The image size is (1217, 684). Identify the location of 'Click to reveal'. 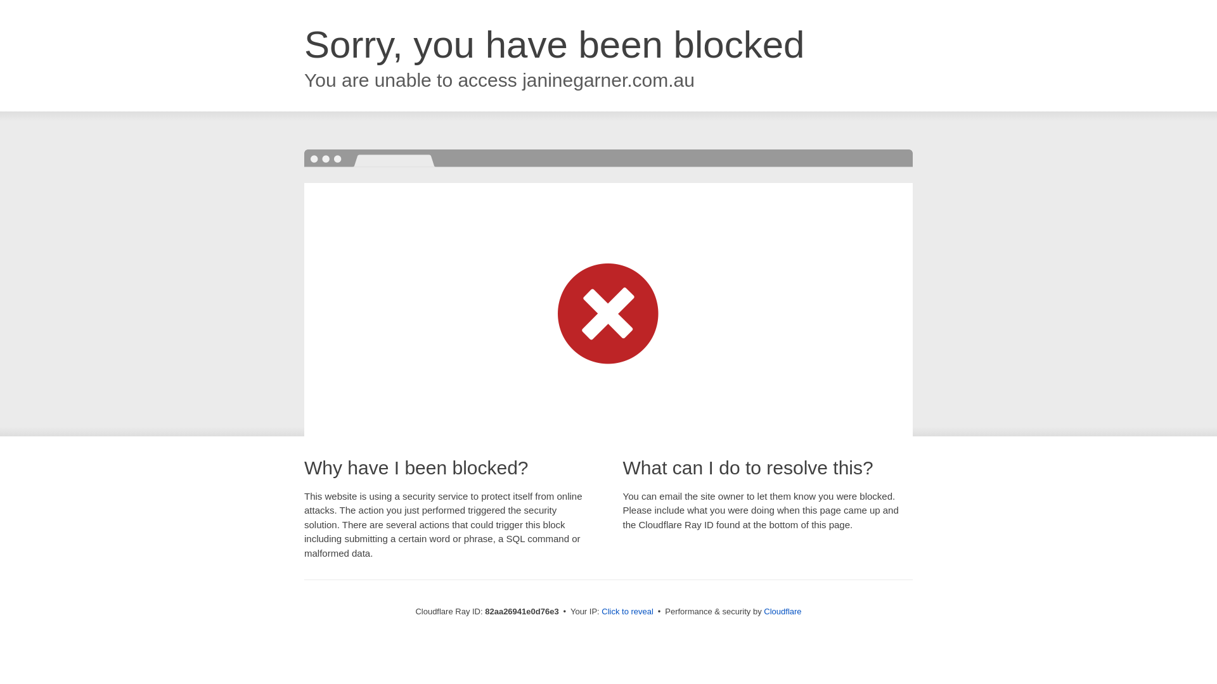
(627, 611).